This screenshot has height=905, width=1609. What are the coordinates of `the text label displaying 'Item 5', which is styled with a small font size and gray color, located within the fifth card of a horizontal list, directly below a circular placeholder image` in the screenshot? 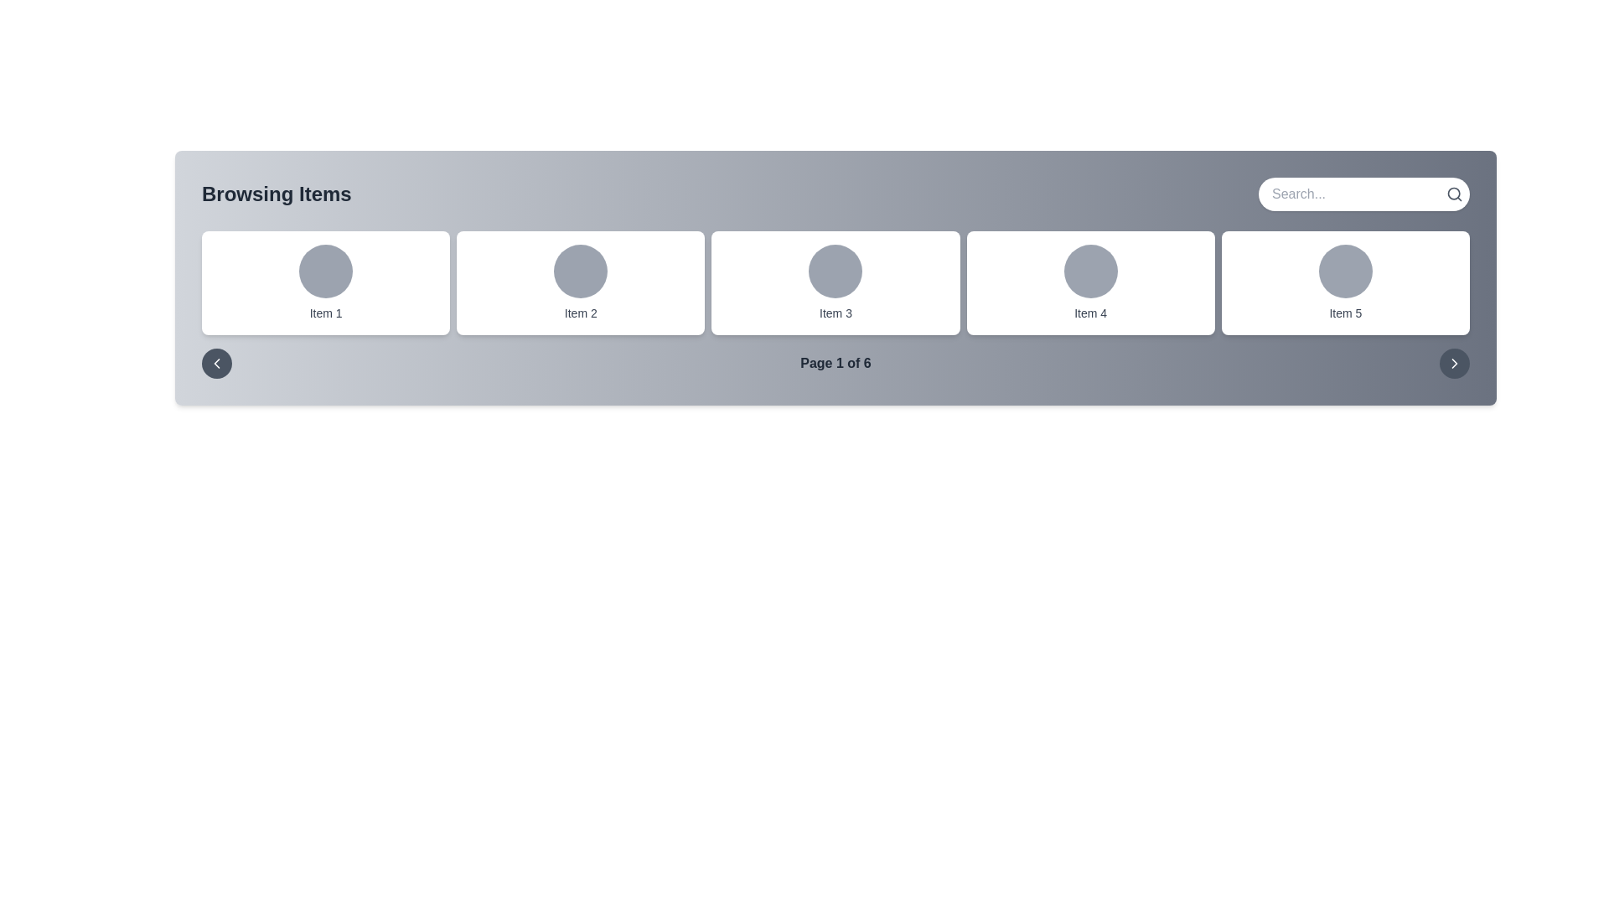 It's located at (1345, 313).